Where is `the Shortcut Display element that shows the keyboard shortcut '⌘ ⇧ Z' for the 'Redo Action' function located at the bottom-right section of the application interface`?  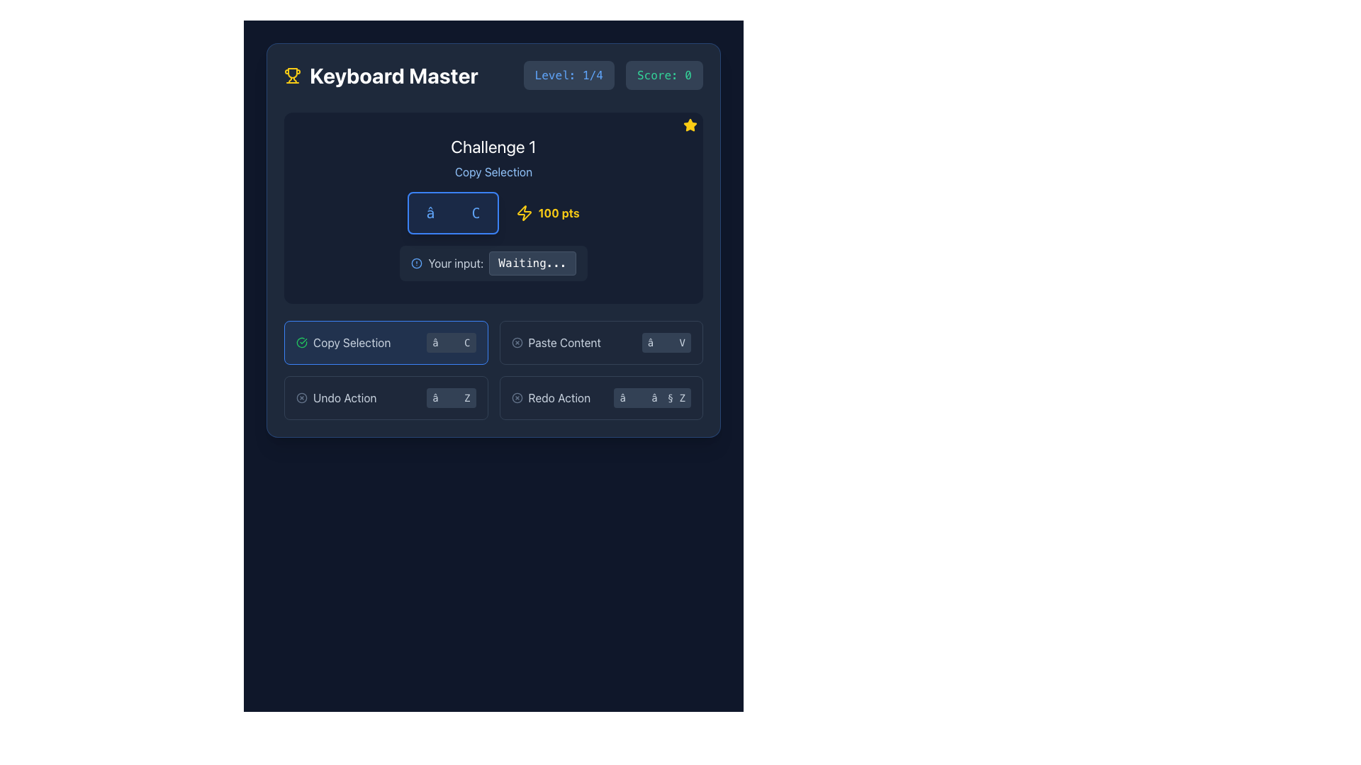
the Shortcut Display element that shows the keyboard shortcut '⌘ ⇧ Z' for the 'Redo Action' function located at the bottom-right section of the application interface is located at coordinates (651, 398).